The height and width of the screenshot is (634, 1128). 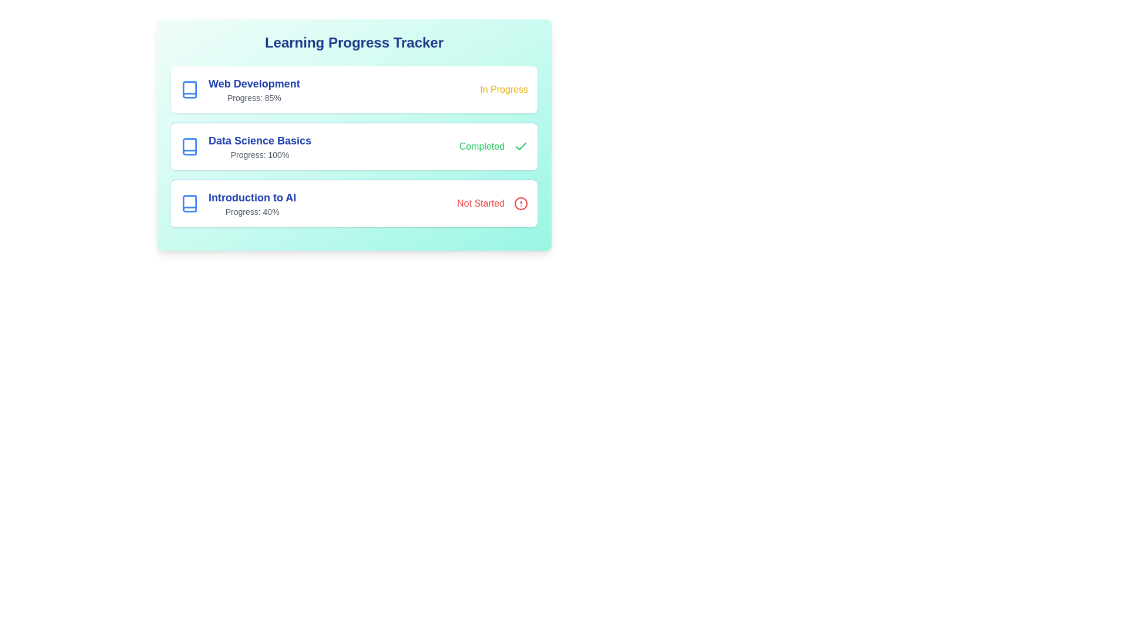 What do you see at coordinates (504, 89) in the screenshot?
I see `the status icon for Web Development to view its status-specific actions` at bounding box center [504, 89].